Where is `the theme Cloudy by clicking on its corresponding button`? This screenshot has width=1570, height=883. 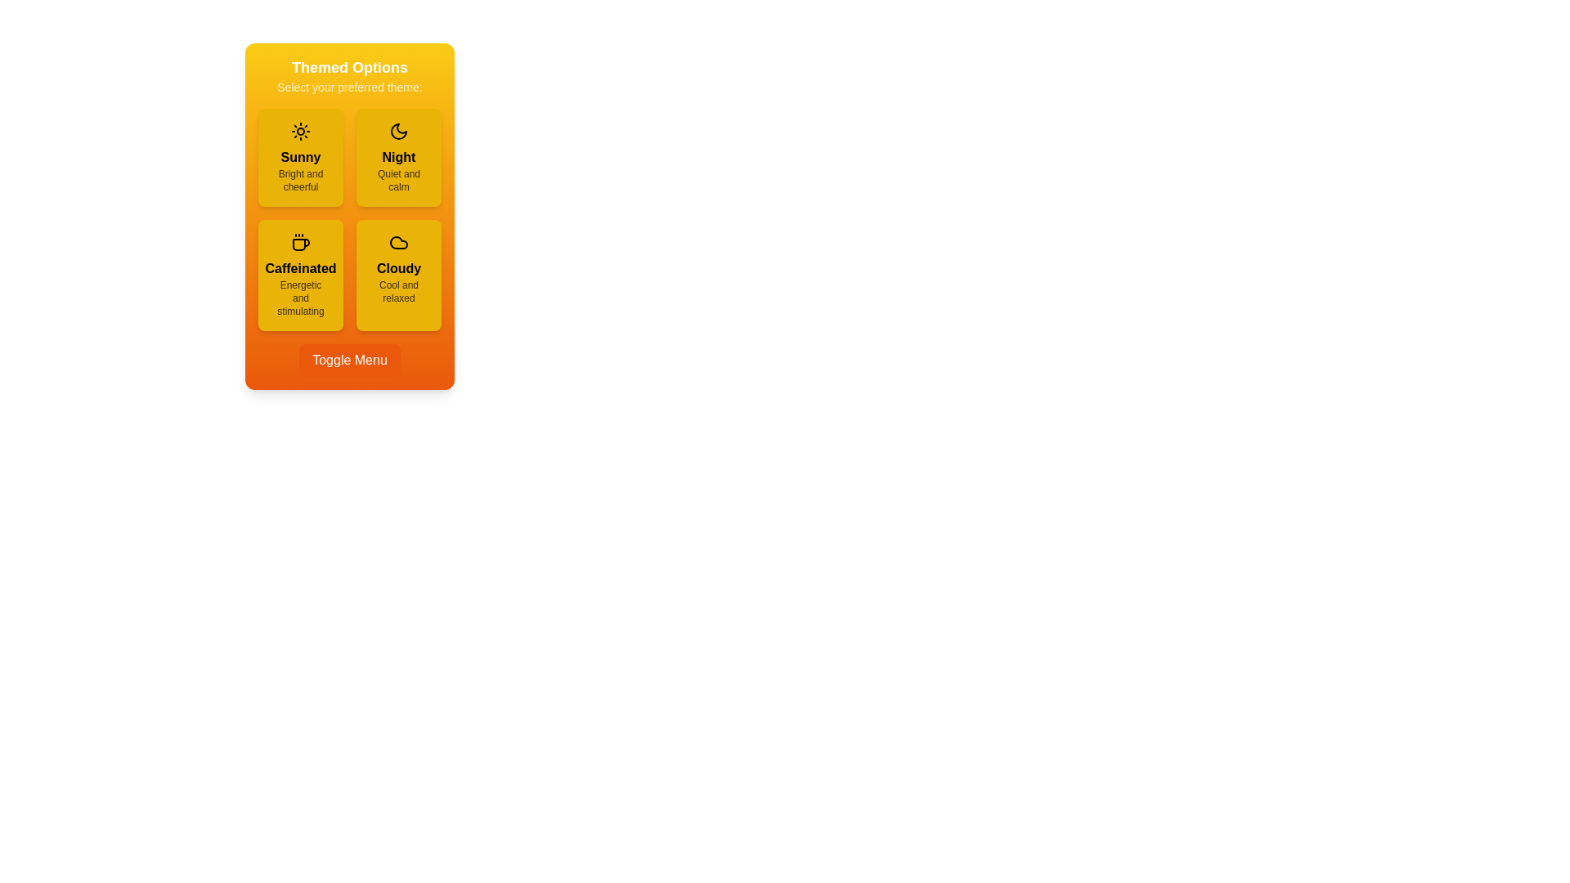 the theme Cloudy by clicking on its corresponding button is located at coordinates (399, 274).